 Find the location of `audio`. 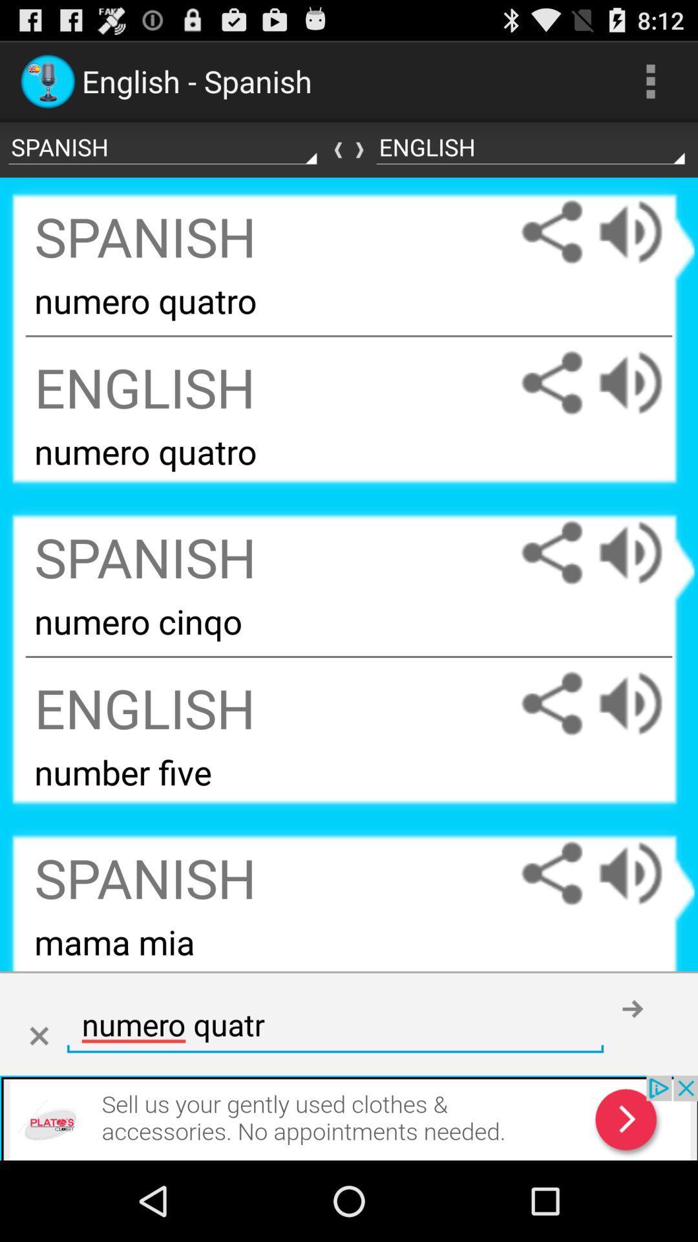

audio is located at coordinates (643, 552).